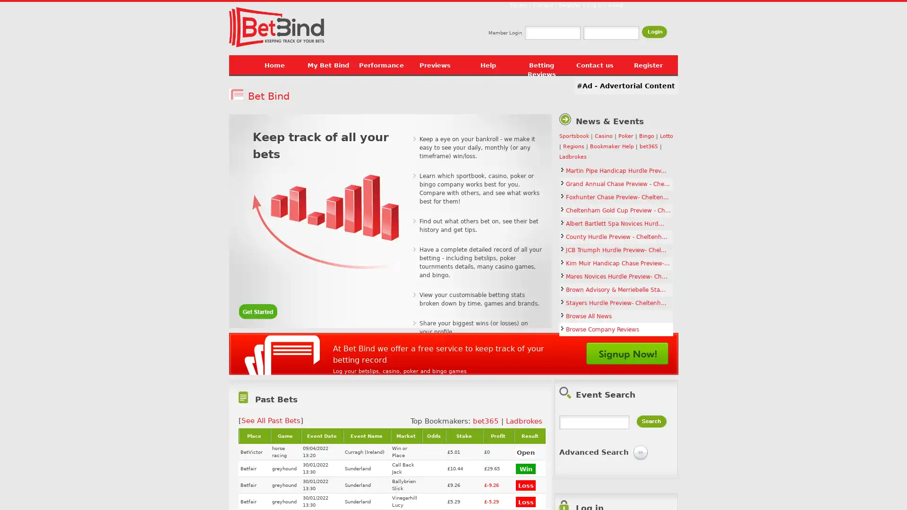 The height and width of the screenshot is (510, 907). I want to click on Sign In, so click(654, 31).